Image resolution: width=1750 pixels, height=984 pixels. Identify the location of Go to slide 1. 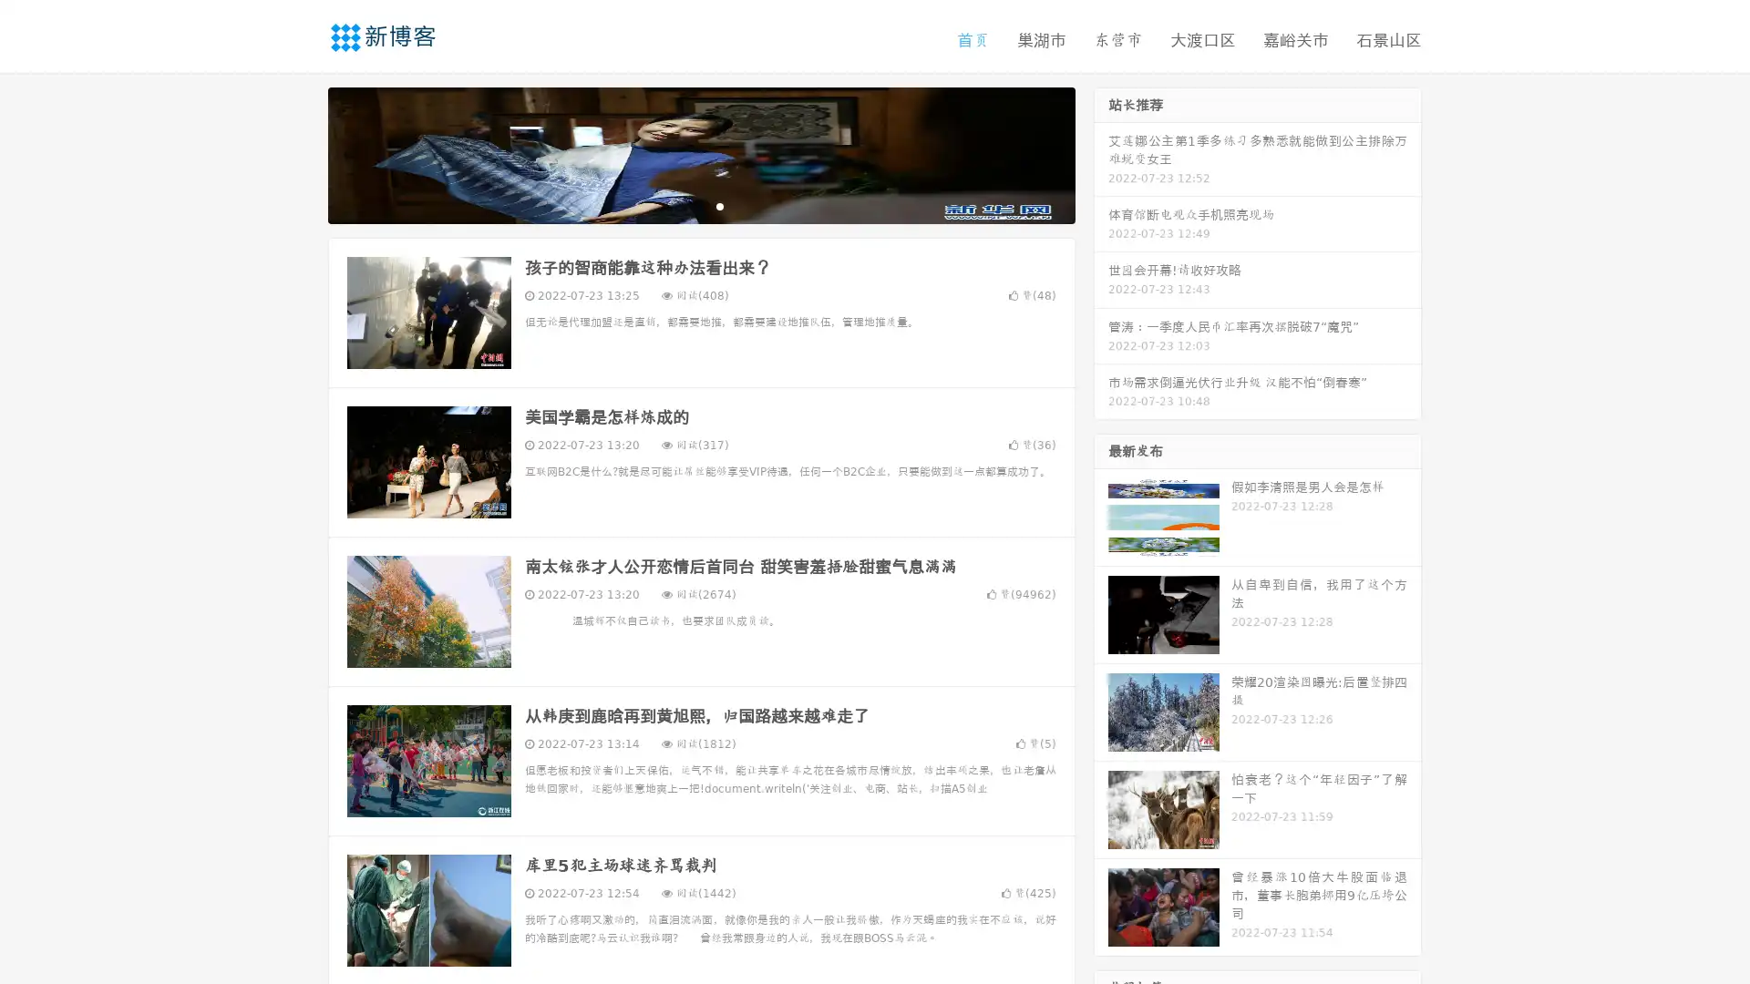
(682, 205).